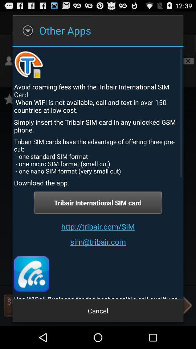 The width and height of the screenshot is (196, 349). What do you see at coordinates (98, 226) in the screenshot?
I see `the http tribair com icon` at bounding box center [98, 226].